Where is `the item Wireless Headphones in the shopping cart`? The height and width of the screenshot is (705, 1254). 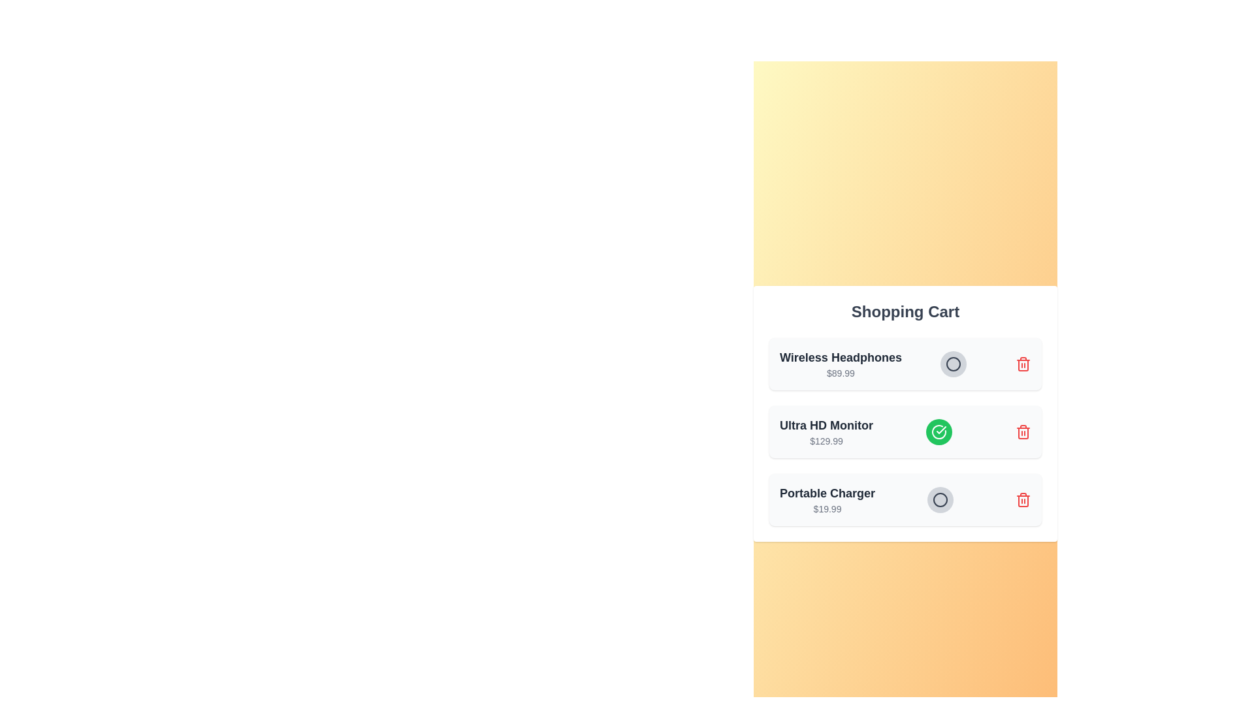
the item Wireless Headphones in the shopping cart is located at coordinates (953, 364).